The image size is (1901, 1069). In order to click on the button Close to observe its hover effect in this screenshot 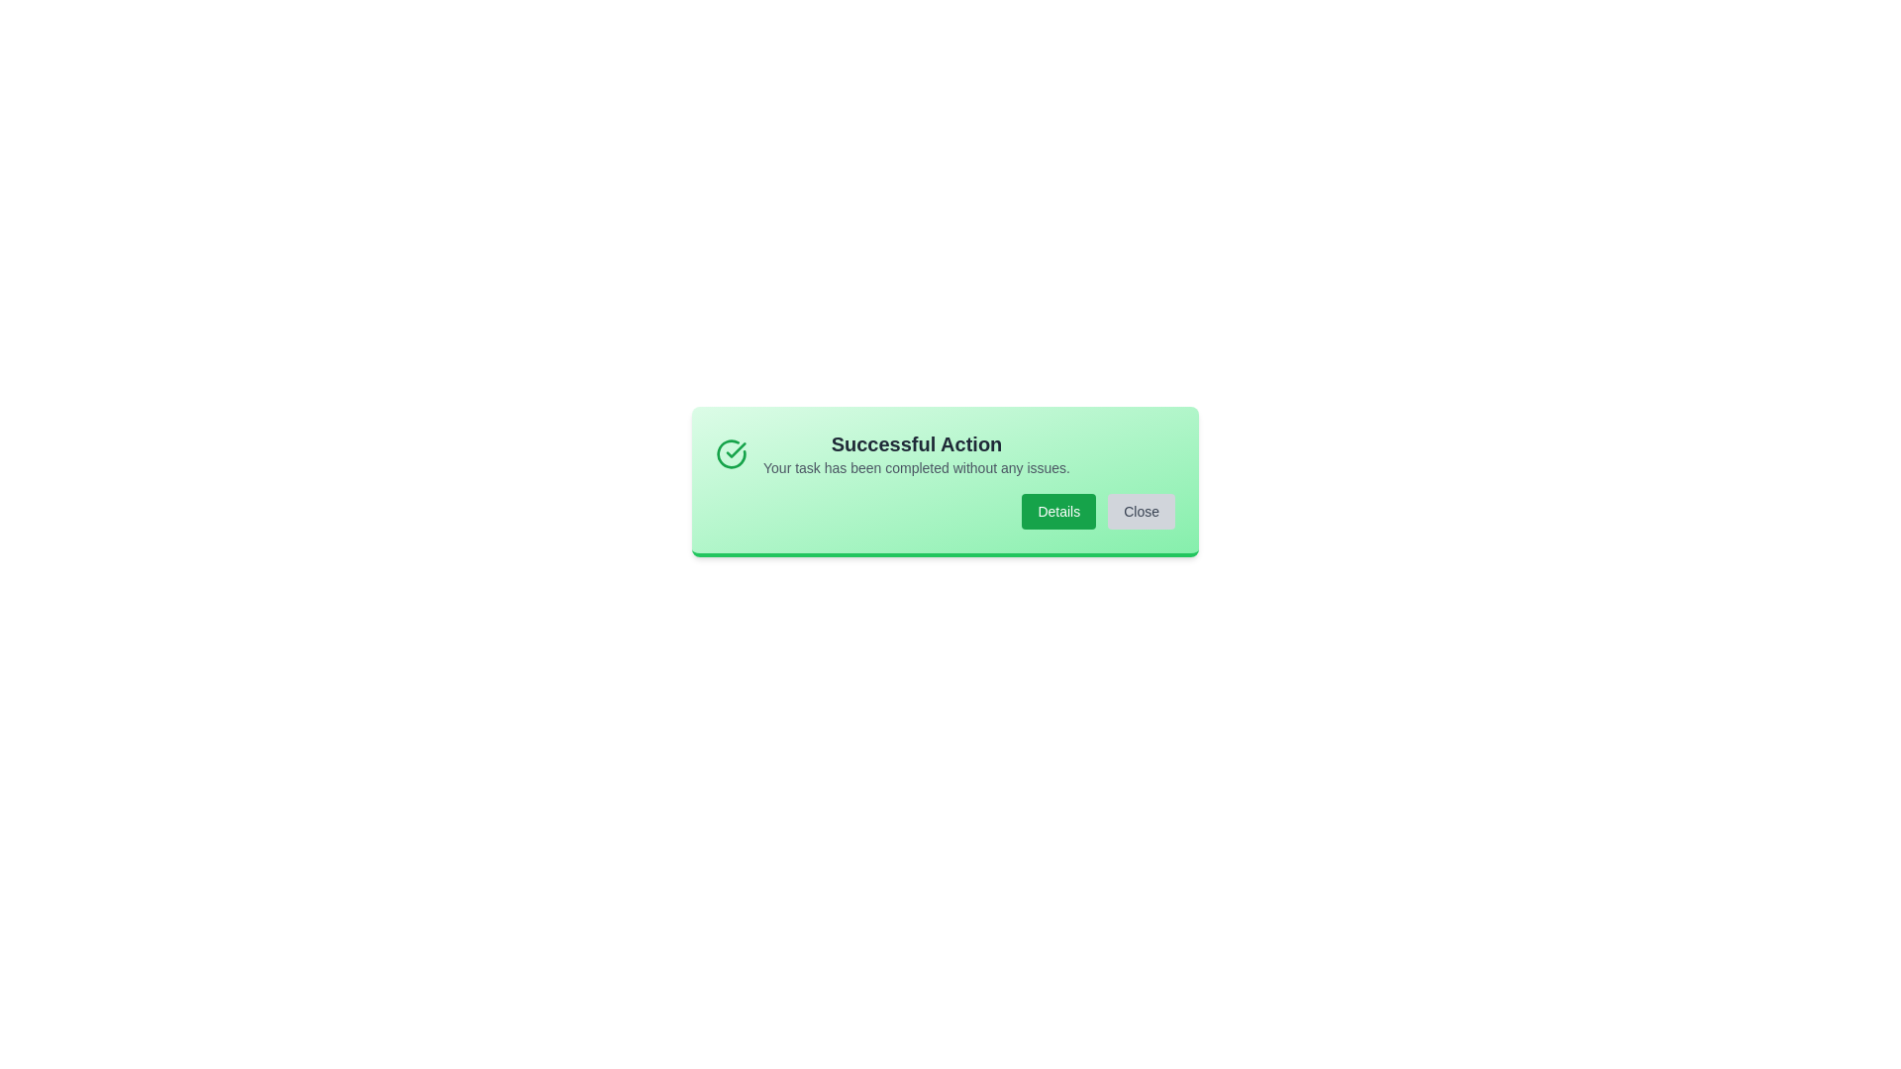, I will do `click(1142, 510)`.